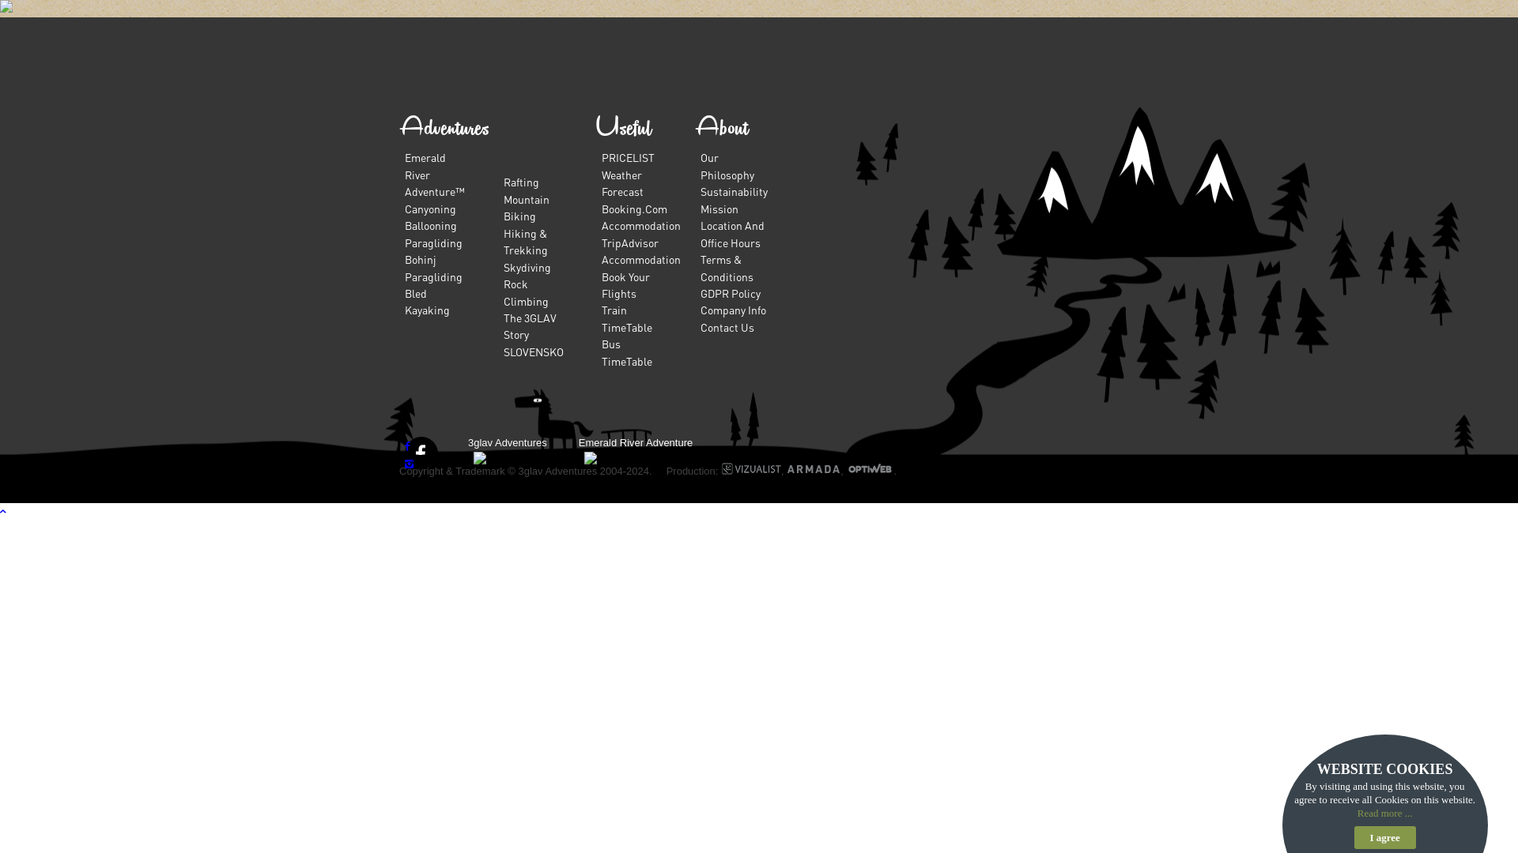  What do you see at coordinates (409, 462) in the screenshot?
I see `'Instagram'` at bounding box center [409, 462].